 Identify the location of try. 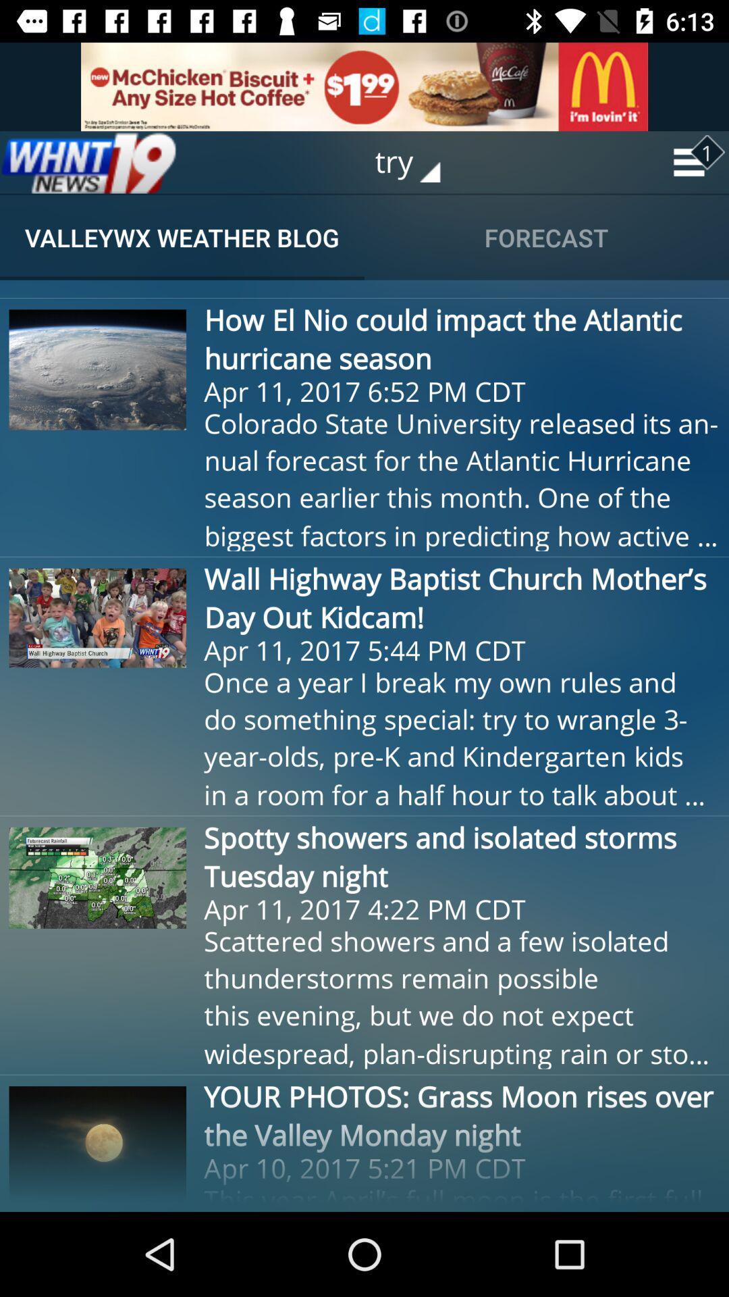
(416, 162).